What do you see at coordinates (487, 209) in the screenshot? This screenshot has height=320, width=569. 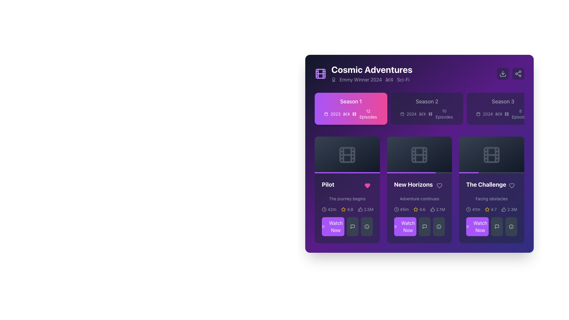 I see `the star icon representing the rating for 'The Challenge' episode, which visually indicates a score of '4.7'` at bounding box center [487, 209].